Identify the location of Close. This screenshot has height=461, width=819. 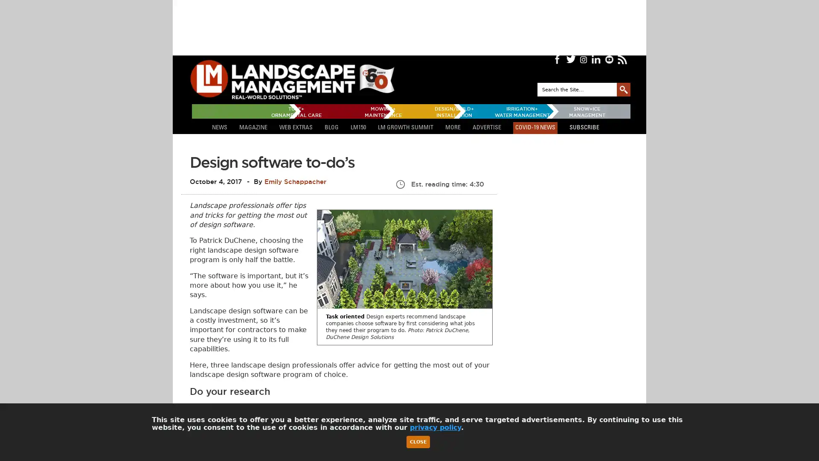
(418, 442).